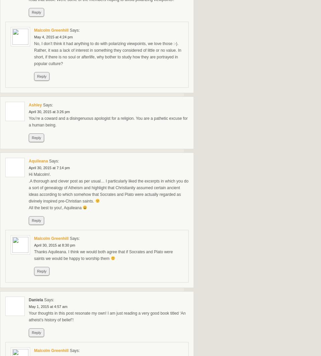 This screenshot has height=356, width=321. Describe the element at coordinates (55, 208) in the screenshot. I see `'All the best to you!, Aquileana'` at that location.